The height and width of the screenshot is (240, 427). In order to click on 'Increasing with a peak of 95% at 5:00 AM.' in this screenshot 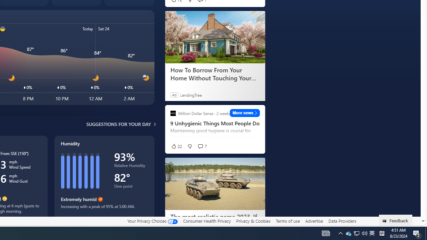, I will do `click(104, 209)`.